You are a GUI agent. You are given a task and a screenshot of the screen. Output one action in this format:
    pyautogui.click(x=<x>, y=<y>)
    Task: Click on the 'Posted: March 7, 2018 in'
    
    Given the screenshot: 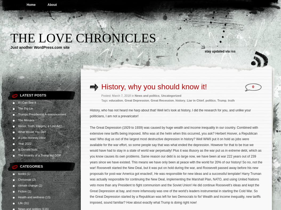 What is the action you would take?
    pyautogui.click(x=101, y=96)
    